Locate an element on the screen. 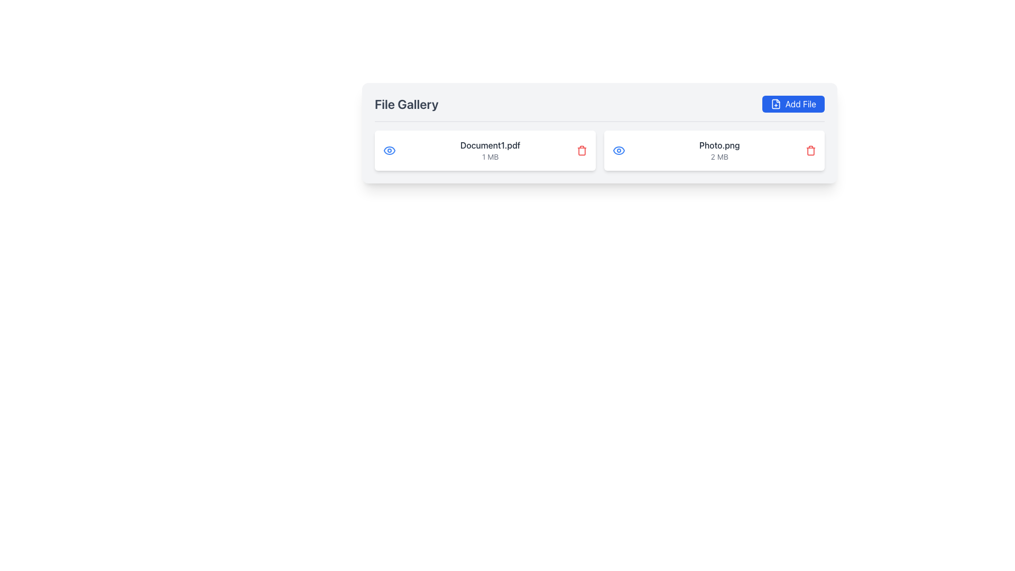  the text label displaying '1 MB', which is located directly beneath 'Document1.pdf' in the left panel of the File Gallery section is located at coordinates (490, 157).